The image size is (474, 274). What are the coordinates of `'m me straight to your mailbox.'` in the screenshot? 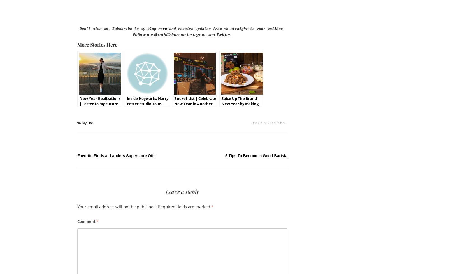 It's located at (252, 29).